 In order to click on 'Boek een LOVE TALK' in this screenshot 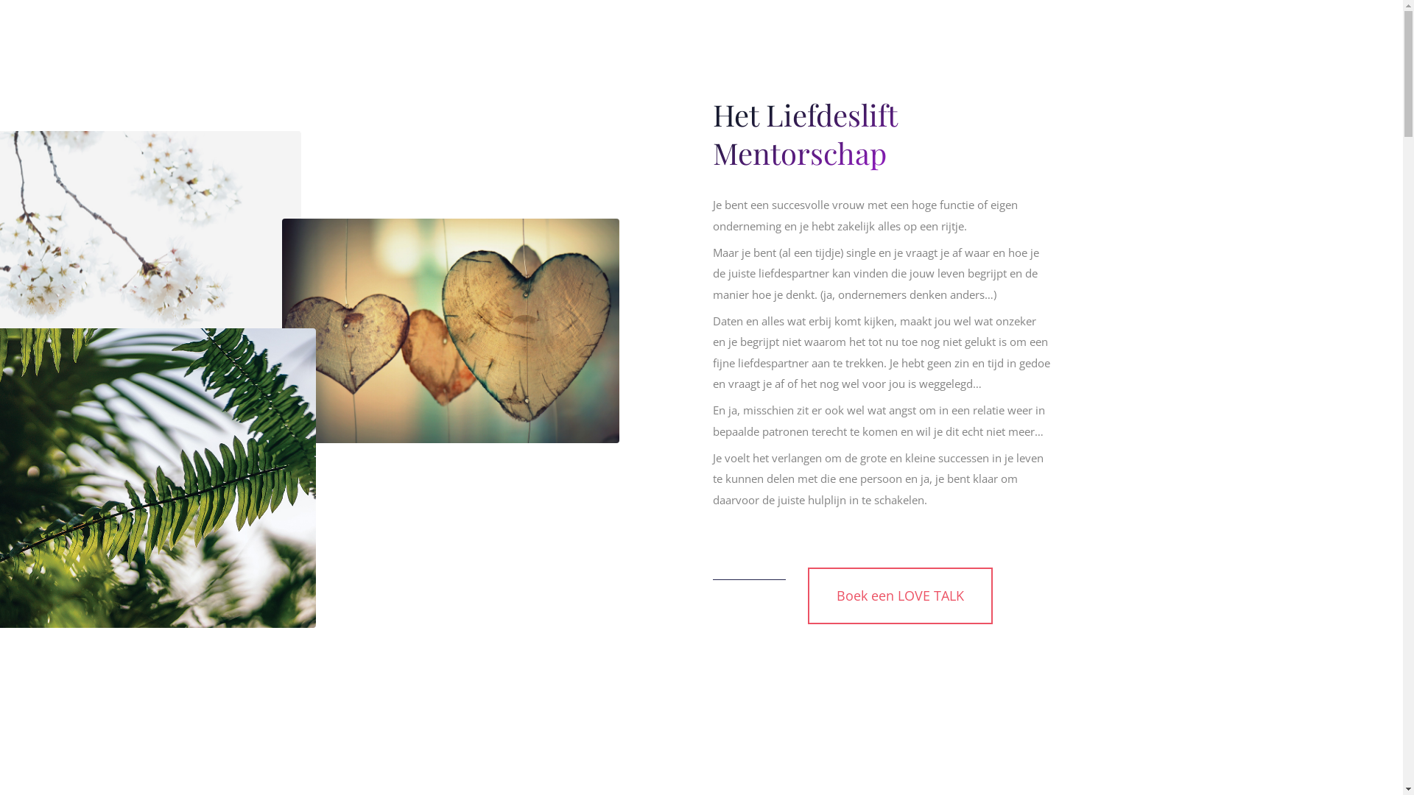, I will do `click(899, 595)`.